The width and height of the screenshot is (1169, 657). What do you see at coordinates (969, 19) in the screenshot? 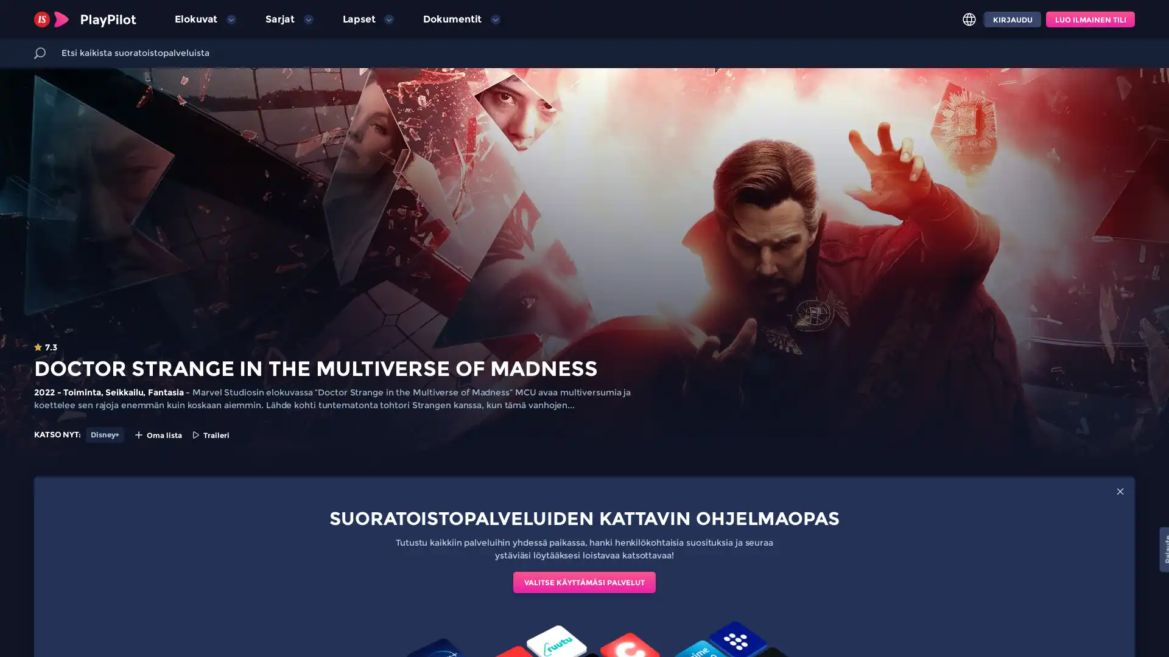
I see `Select country and language` at bounding box center [969, 19].